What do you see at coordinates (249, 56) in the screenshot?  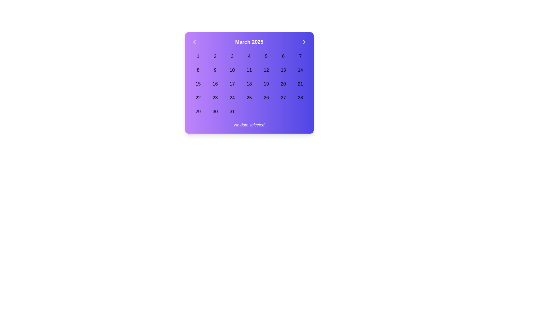 I see `the button representing the date '4' in the calendar interface` at bounding box center [249, 56].